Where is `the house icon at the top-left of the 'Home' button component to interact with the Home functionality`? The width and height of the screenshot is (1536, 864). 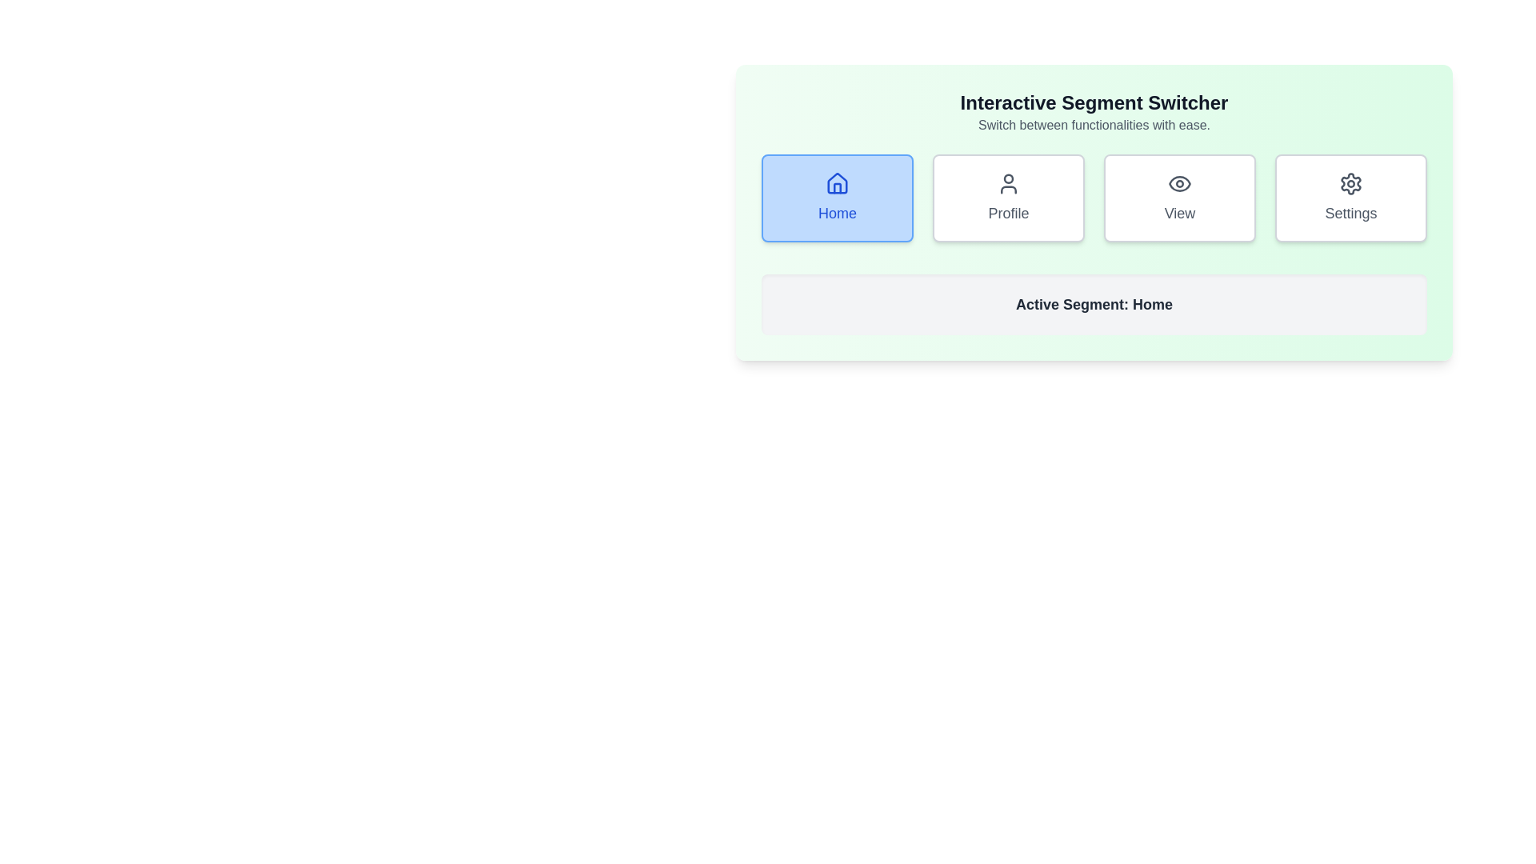 the house icon at the top-left of the 'Home' button component to interact with the Home functionality is located at coordinates (836, 183).